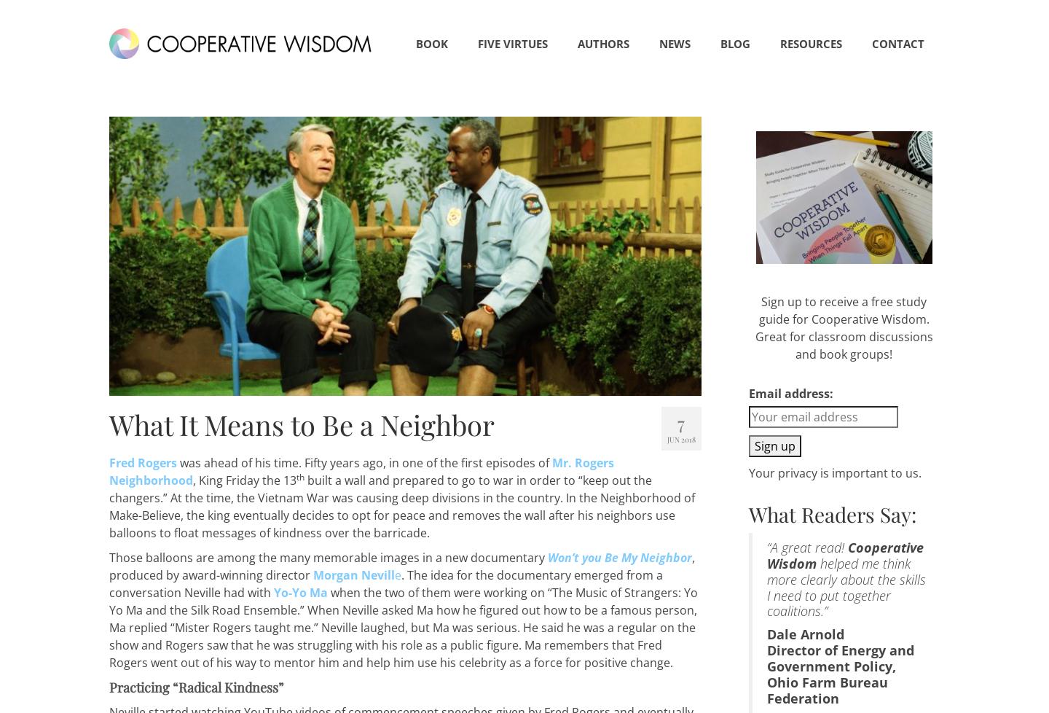 Image resolution: width=1049 pixels, height=713 pixels. Describe the element at coordinates (364, 463) in the screenshot. I see `'was ahead of his time. Fifty years ago, in one of the first episodes of'` at that location.